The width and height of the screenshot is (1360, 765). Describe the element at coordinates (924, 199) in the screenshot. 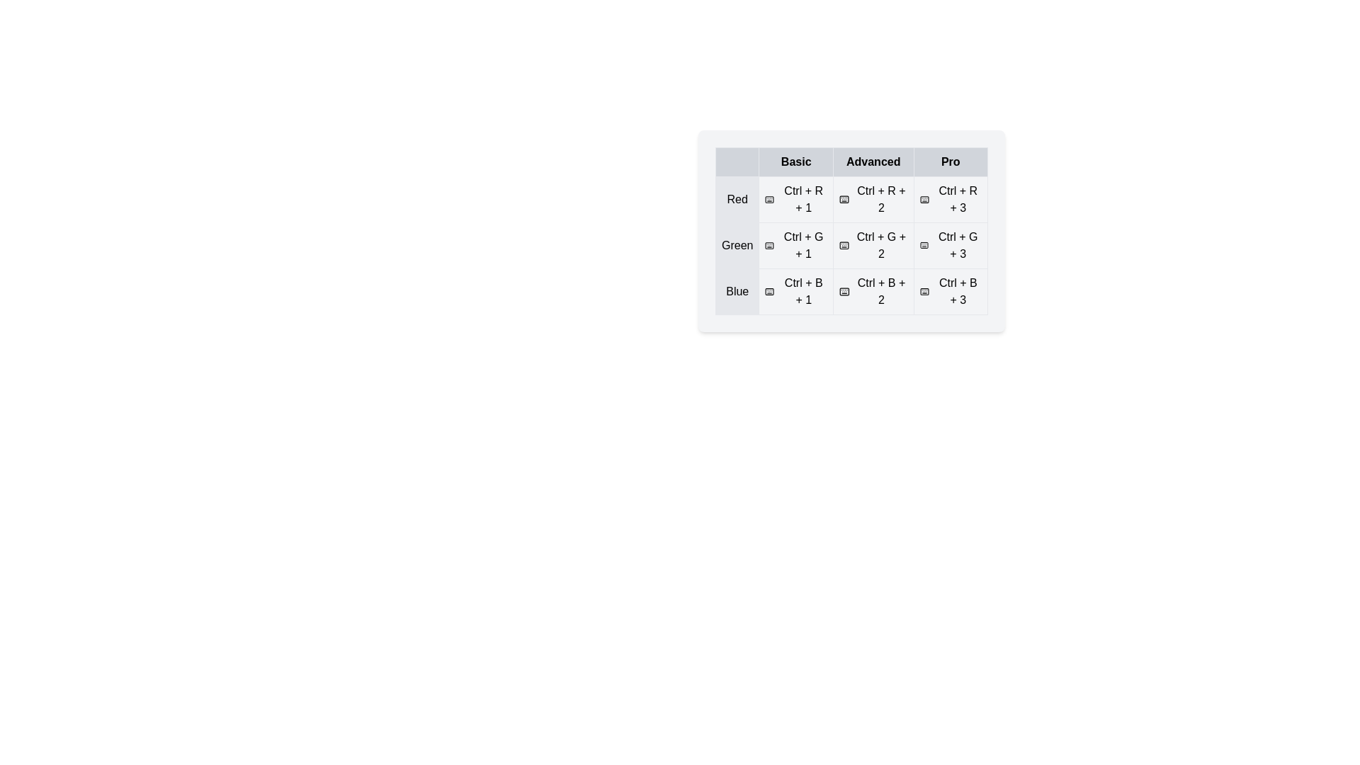

I see `the keyboard action icon located in the 'Pro' column of the 'Red' row, which visually indicates the action 'Ctrl + R + 3'` at that location.